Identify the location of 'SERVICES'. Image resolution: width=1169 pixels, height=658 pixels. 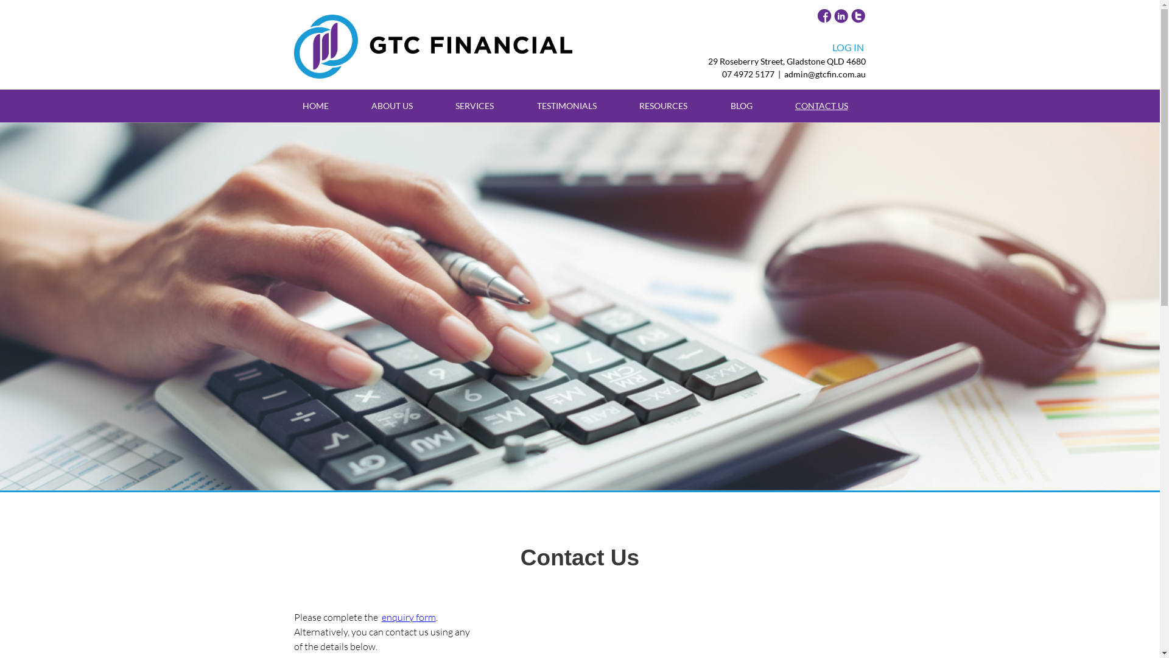
(455, 105).